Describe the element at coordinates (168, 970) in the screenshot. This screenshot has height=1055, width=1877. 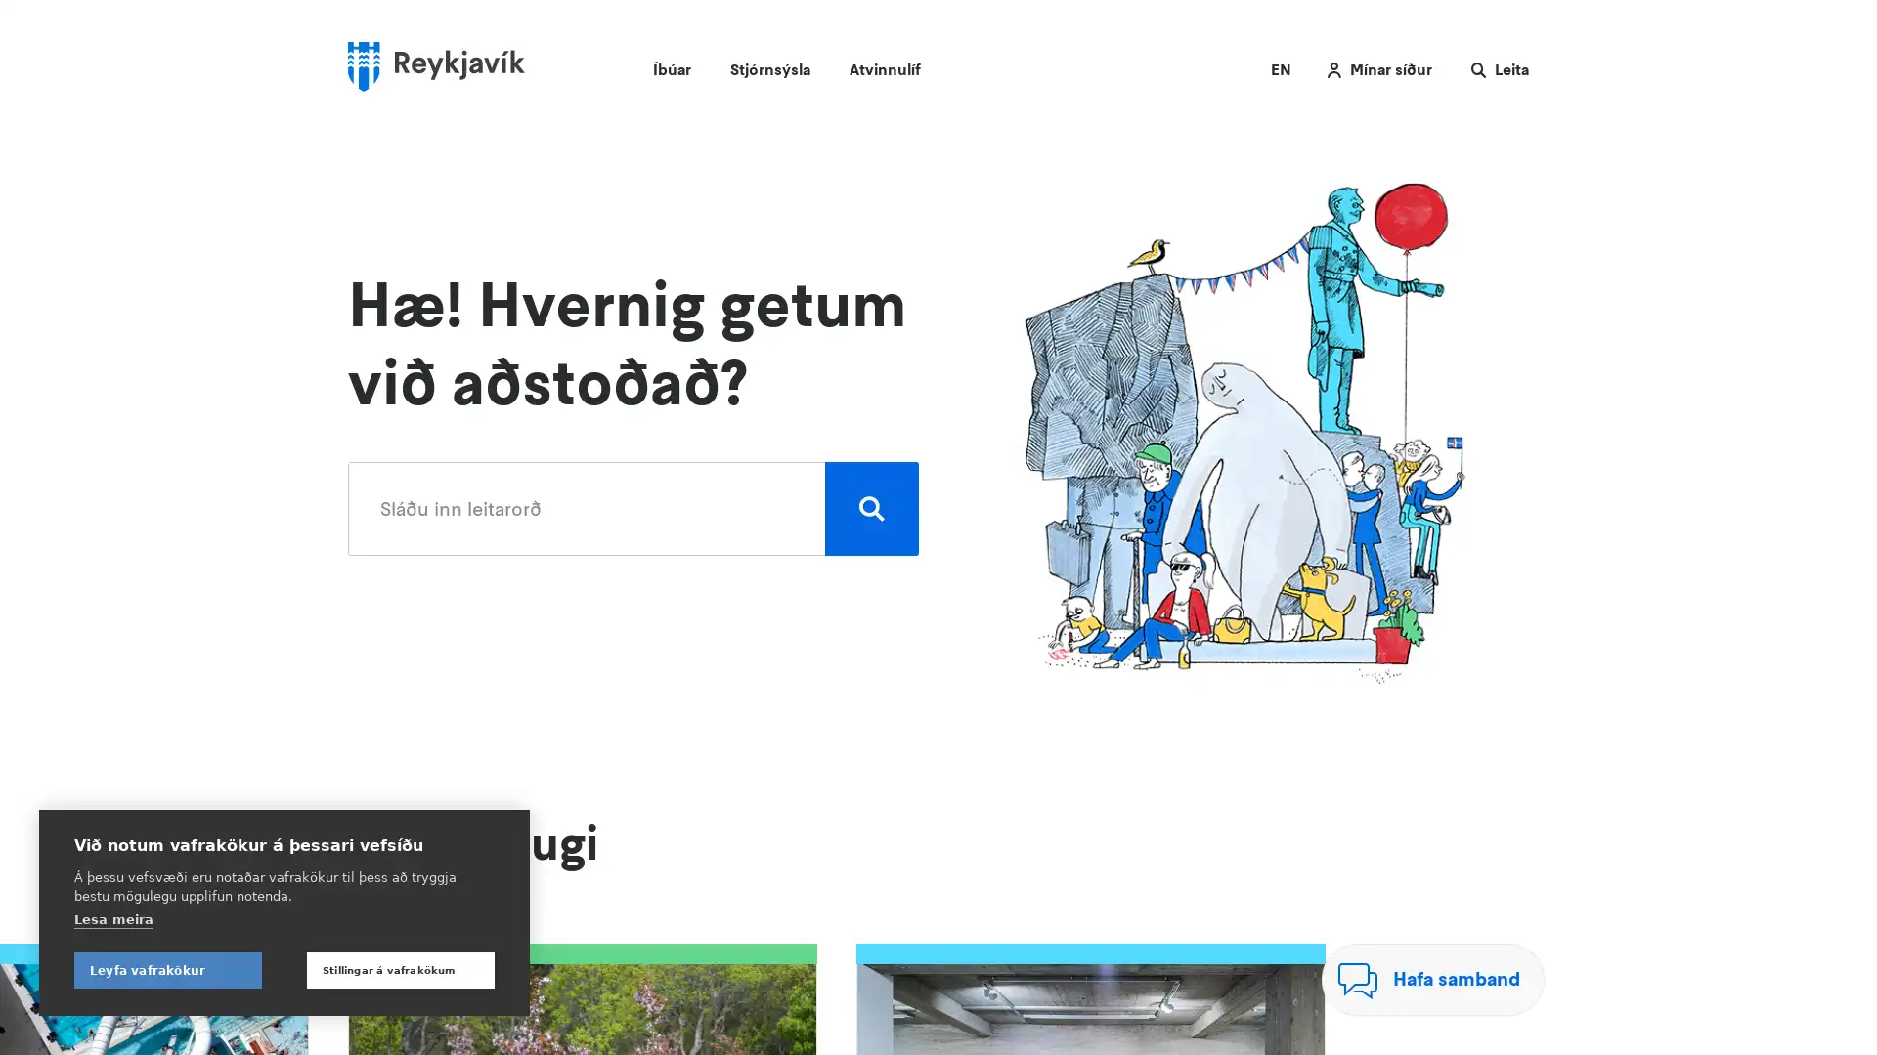
I see `Leyfa vafrakokur` at that location.